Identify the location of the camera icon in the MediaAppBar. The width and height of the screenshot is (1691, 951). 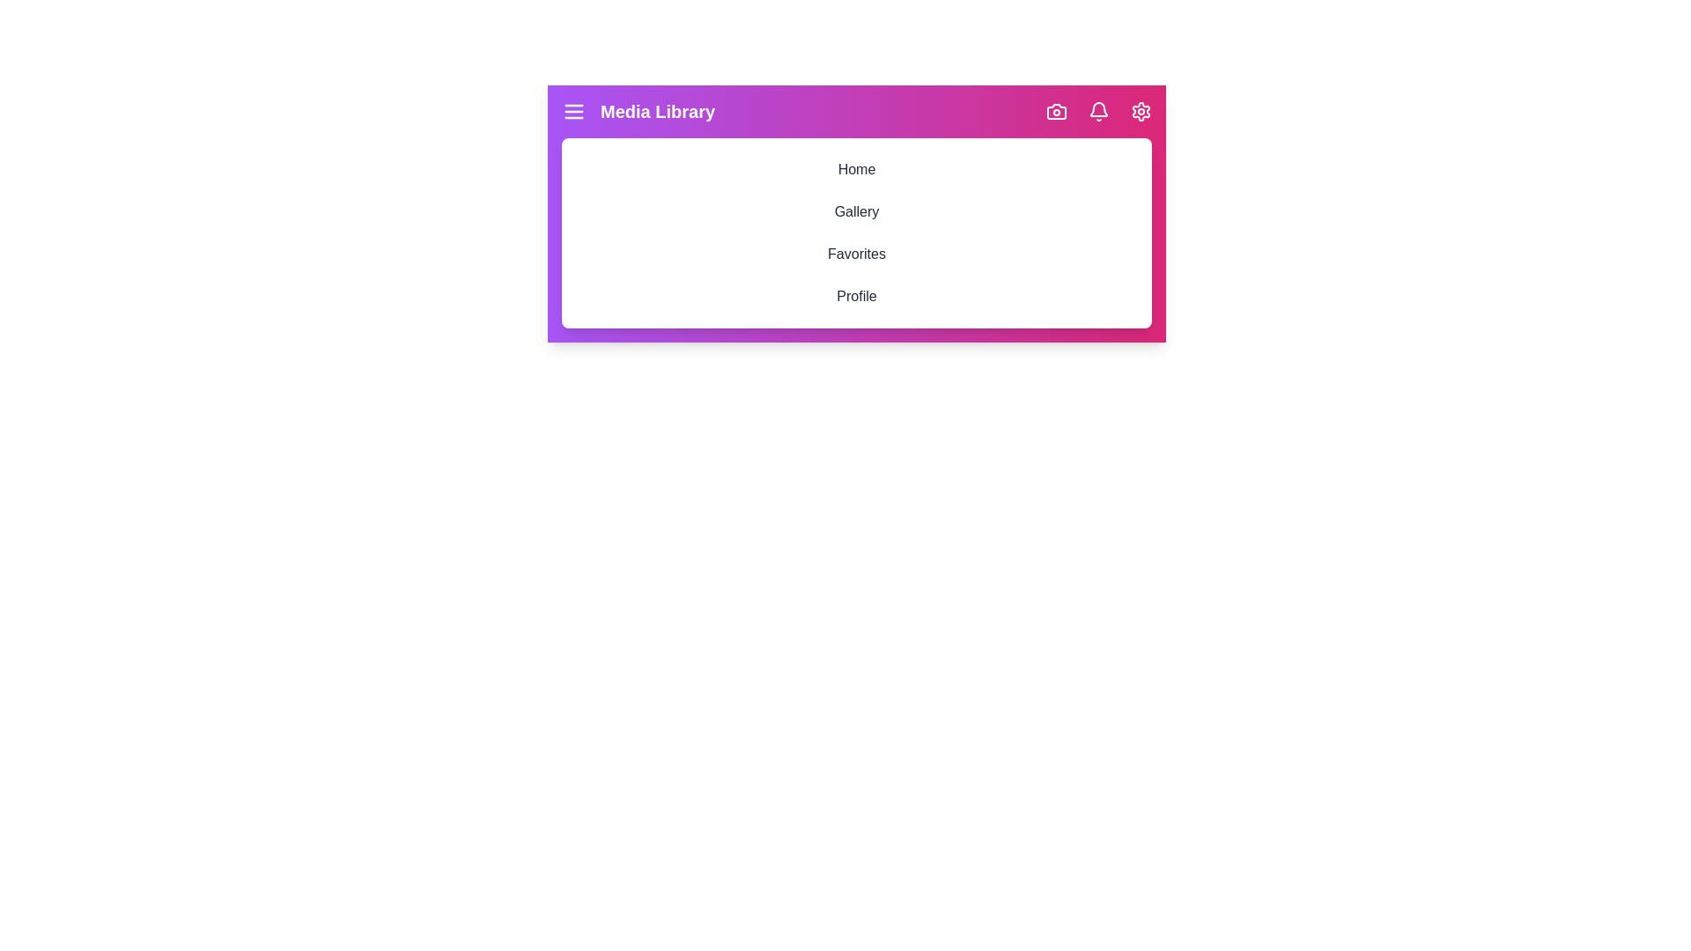
(1057, 112).